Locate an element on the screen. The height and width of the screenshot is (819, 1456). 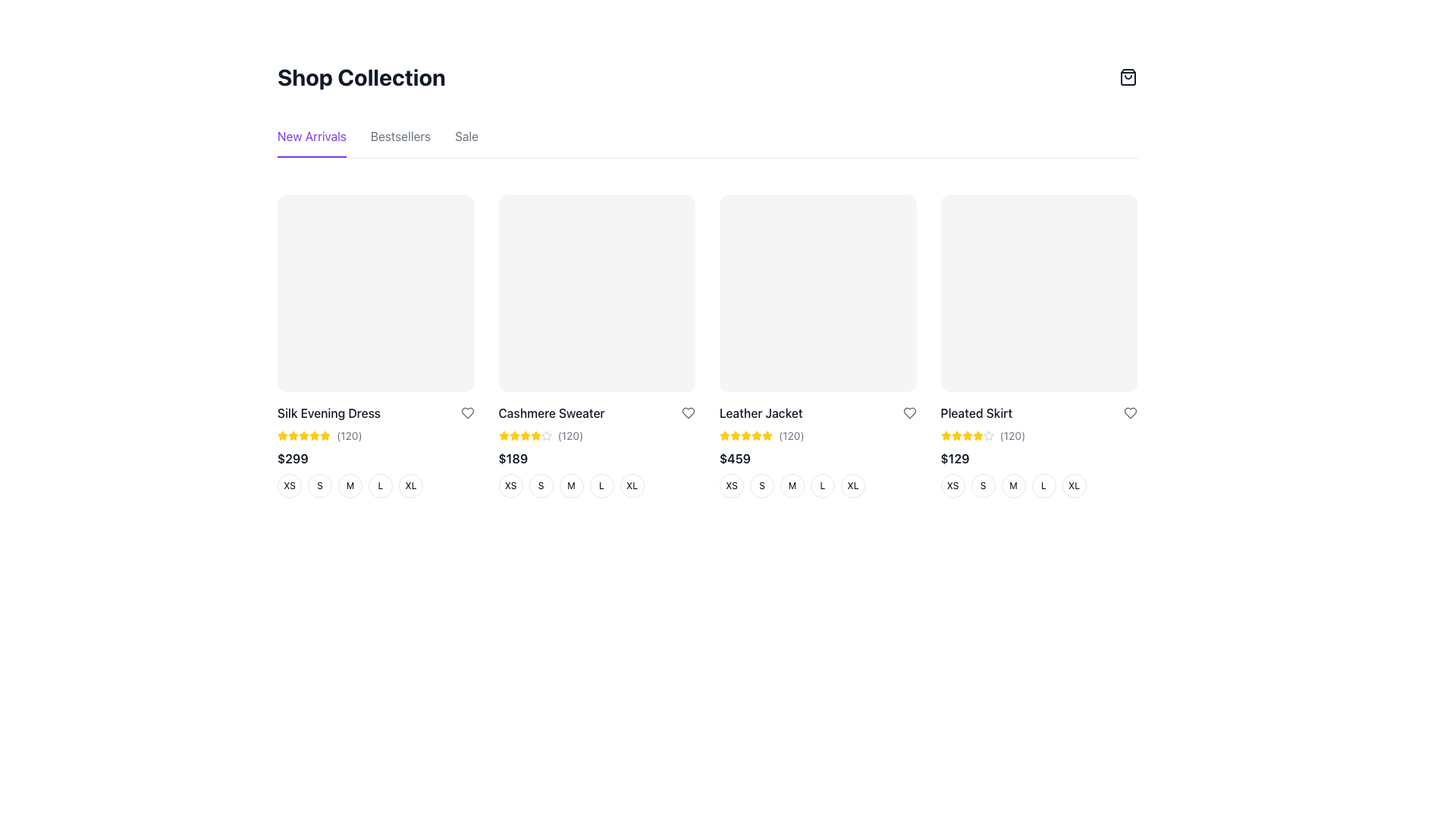
the first rating star icon for the 'Silk Evening Dress', which is a yellow star-shaped icon indicating a selected rating is located at coordinates (293, 435).